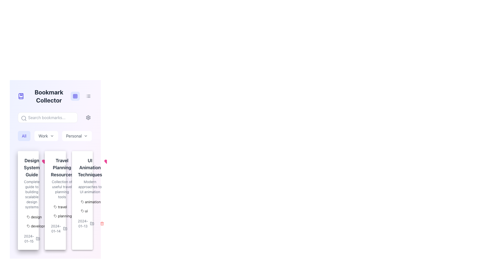 Image resolution: width=483 pixels, height=272 pixels. I want to click on the visual representation of the magnifying glass icon, which is a light gray circular search symbol located inside the search input field towards the left side, so click(24, 118).